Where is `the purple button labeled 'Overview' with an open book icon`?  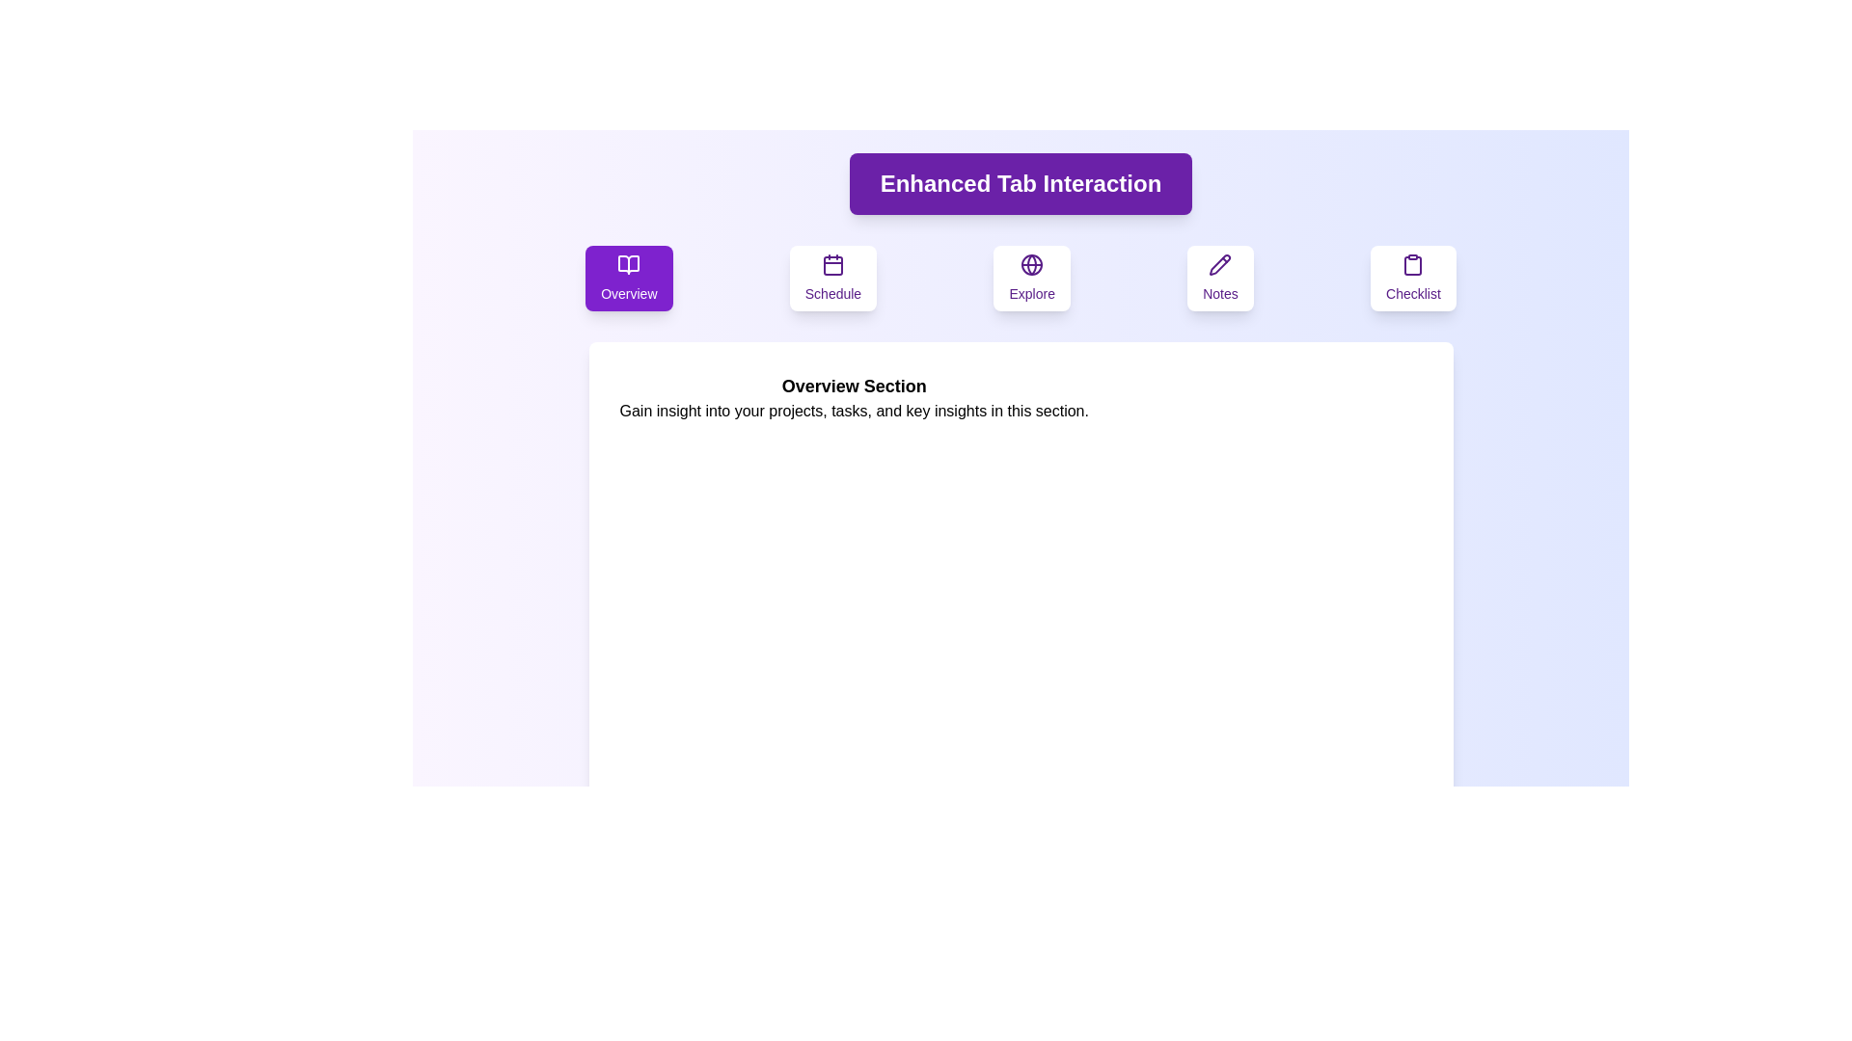 the purple button labeled 'Overview' with an open book icon is located at coordinates (629, 279).